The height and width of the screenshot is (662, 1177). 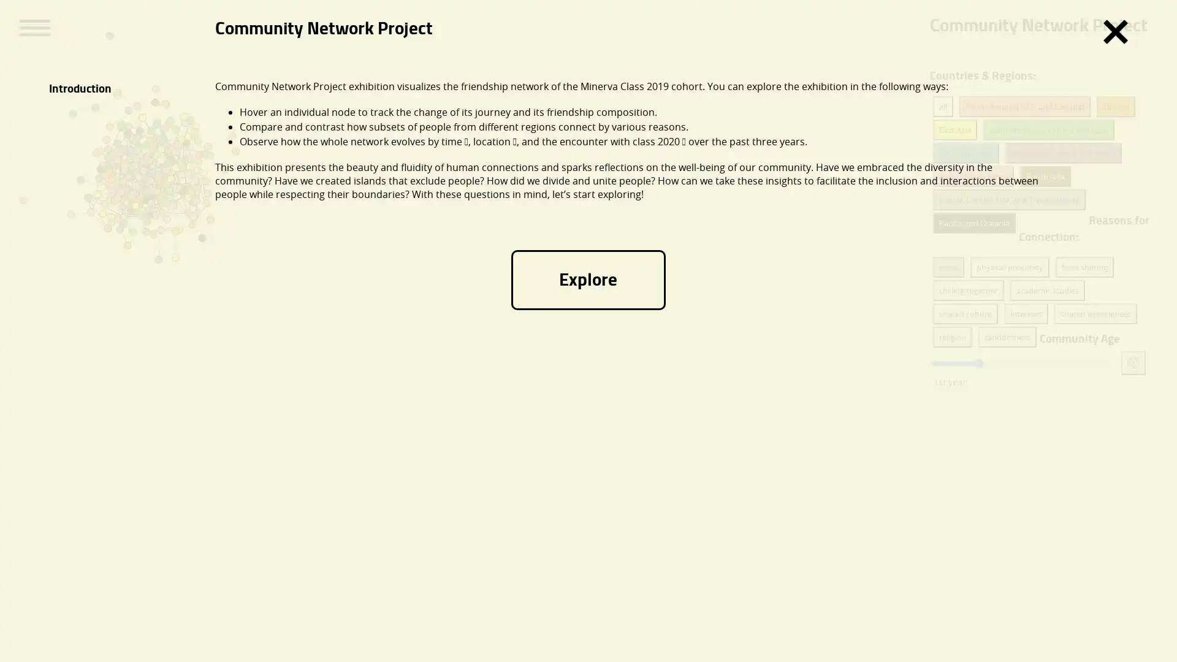 What do you see at coordinates (1009, 198) in the screenshot?
I see `Russia, Central Asia, and Transcaucasia` at bounding box center [1009, 198].